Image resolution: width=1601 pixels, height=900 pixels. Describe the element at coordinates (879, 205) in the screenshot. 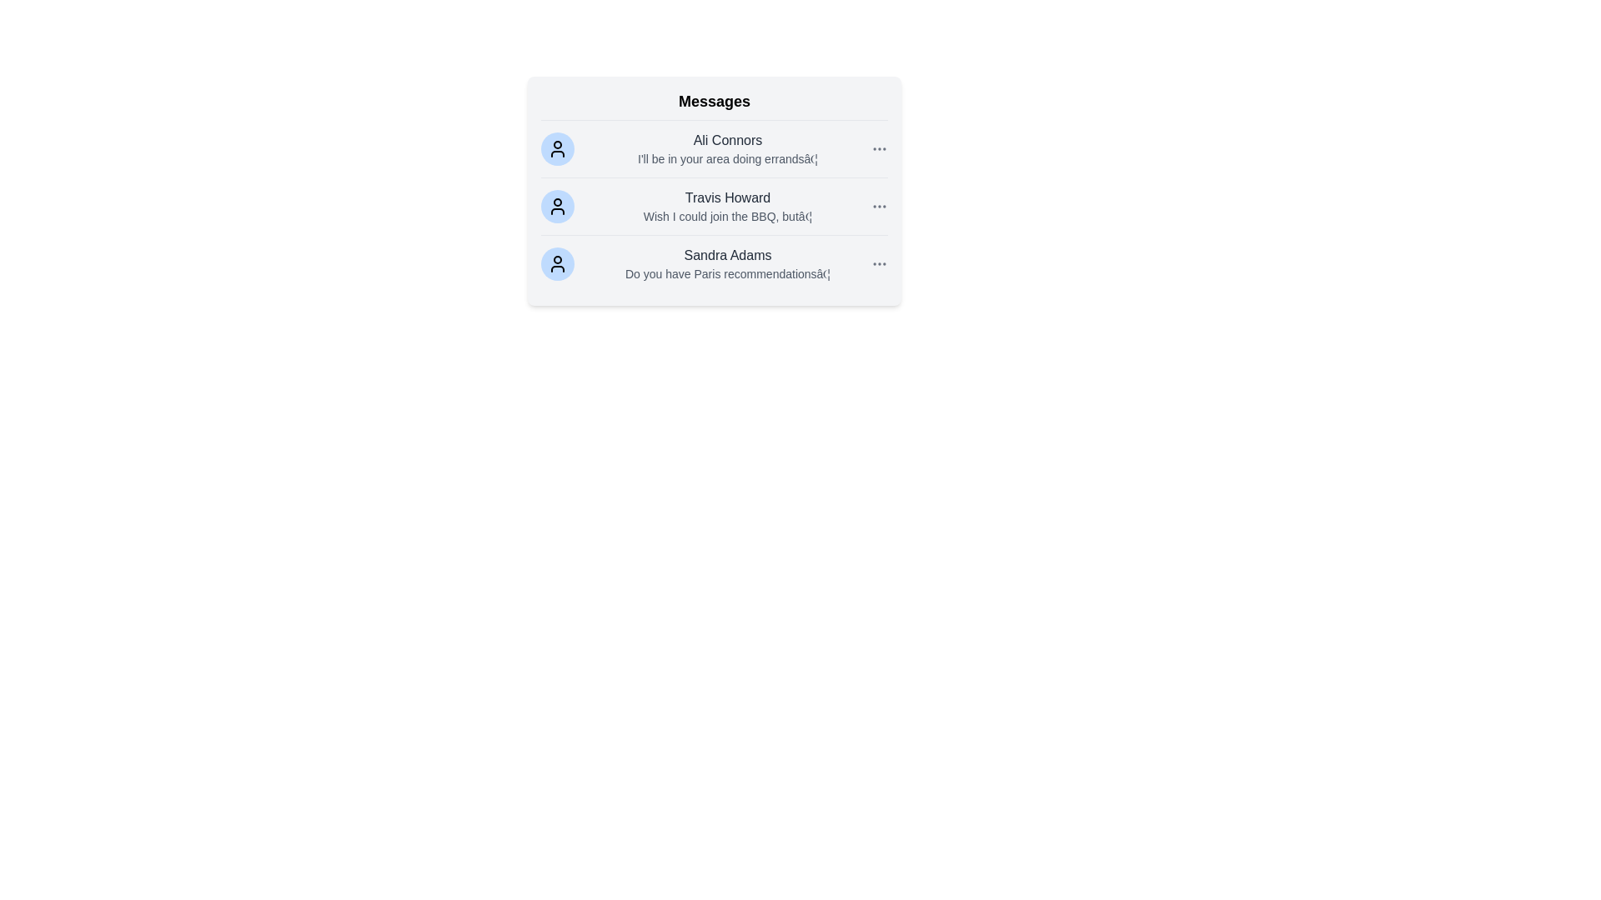

I see `the three dot menu button on the right side of the list item for 'Travis Howard'` at that location.